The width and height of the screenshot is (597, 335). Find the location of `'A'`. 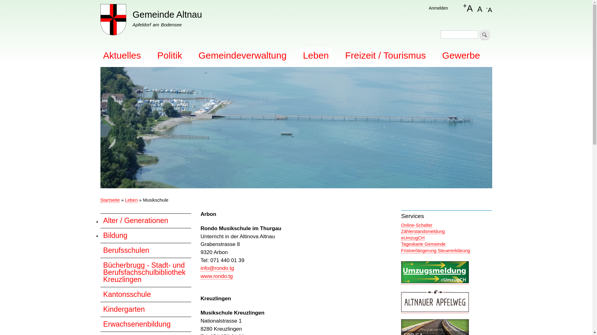

'A' is located at coordinates (477, 8).